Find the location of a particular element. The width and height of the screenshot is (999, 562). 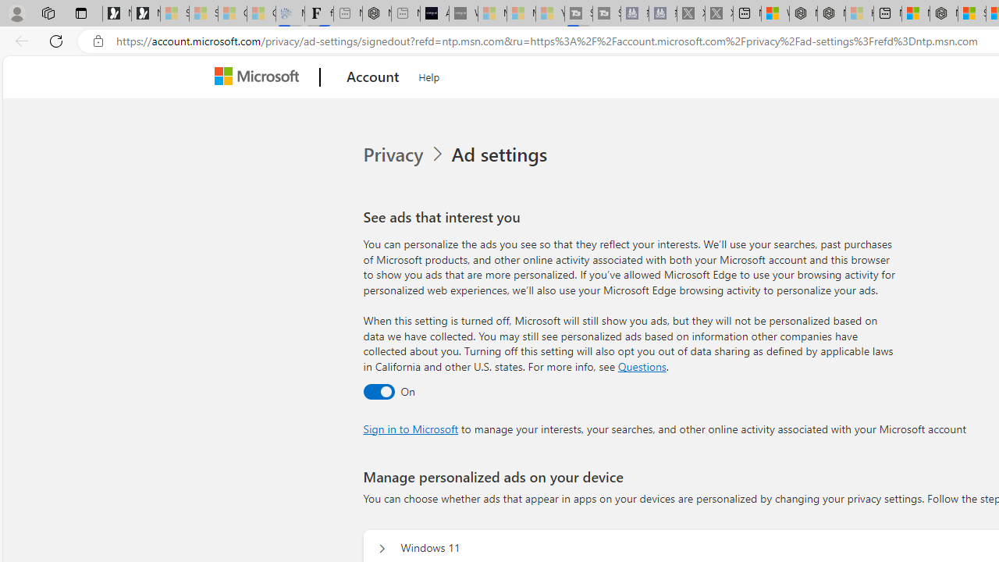

'Go to Questions section' is located at coordinates (642, 366).